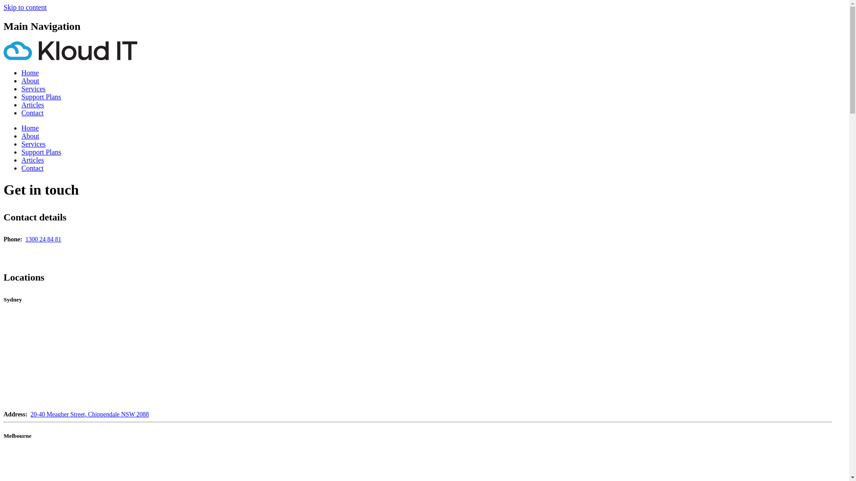 This screenshot has height=481, width=856. What do you see at coordinates (21, 81) in the screenshot?
I see `'About'` at bounding box center [21, 81].